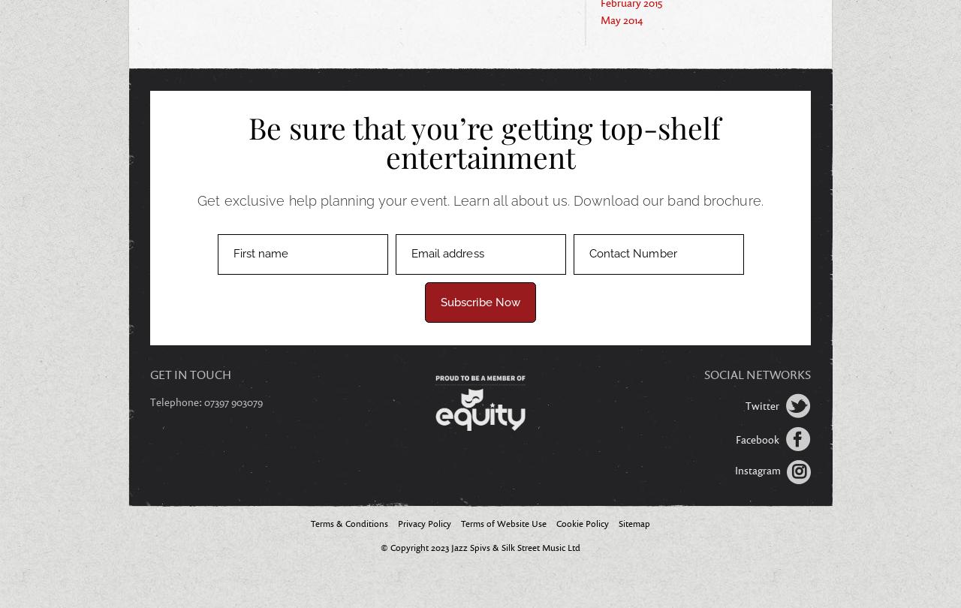 Image resolution: width=961 pixels, height=608 pixels. Describe the element at coordinates (479, 301) in the screenshot. I see `'Subscribe Now'` at that location.